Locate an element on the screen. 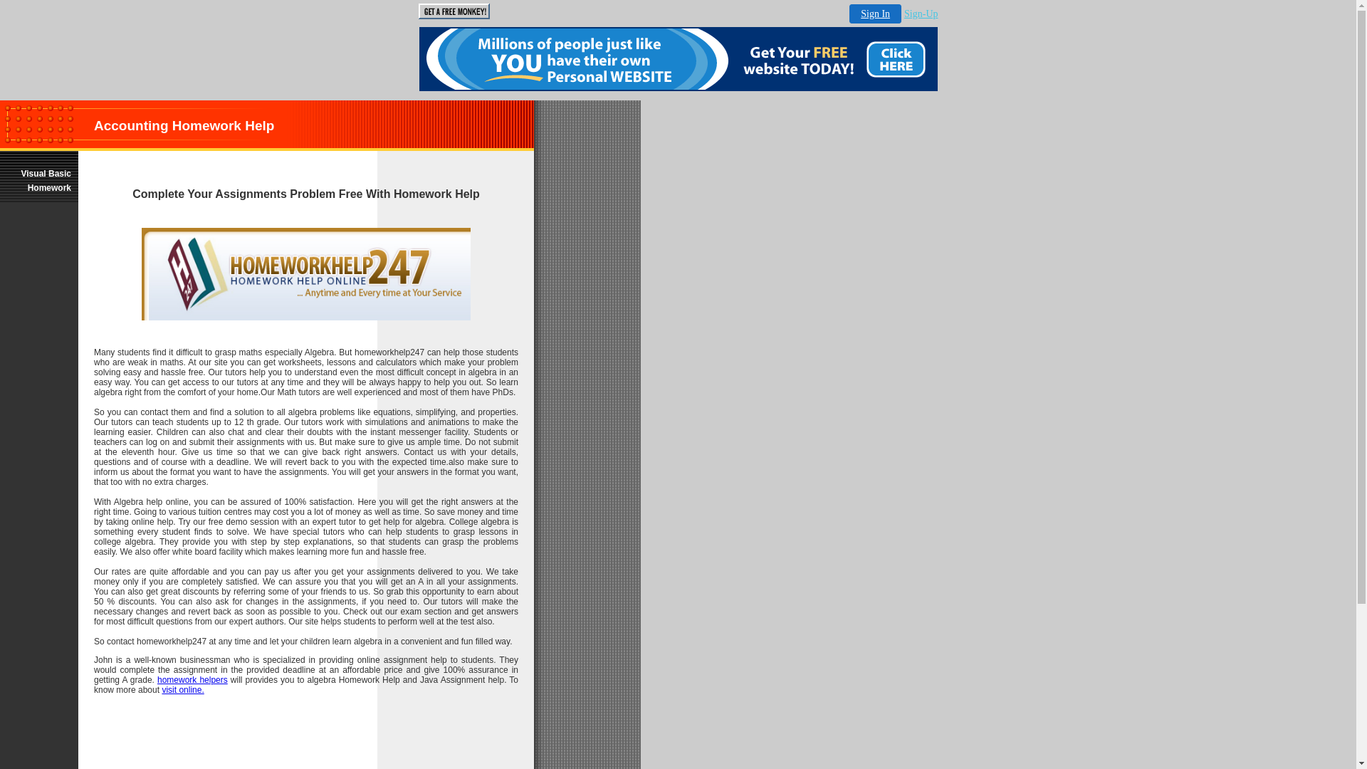  'Sign-Up' is located at coordinates (921, 14).